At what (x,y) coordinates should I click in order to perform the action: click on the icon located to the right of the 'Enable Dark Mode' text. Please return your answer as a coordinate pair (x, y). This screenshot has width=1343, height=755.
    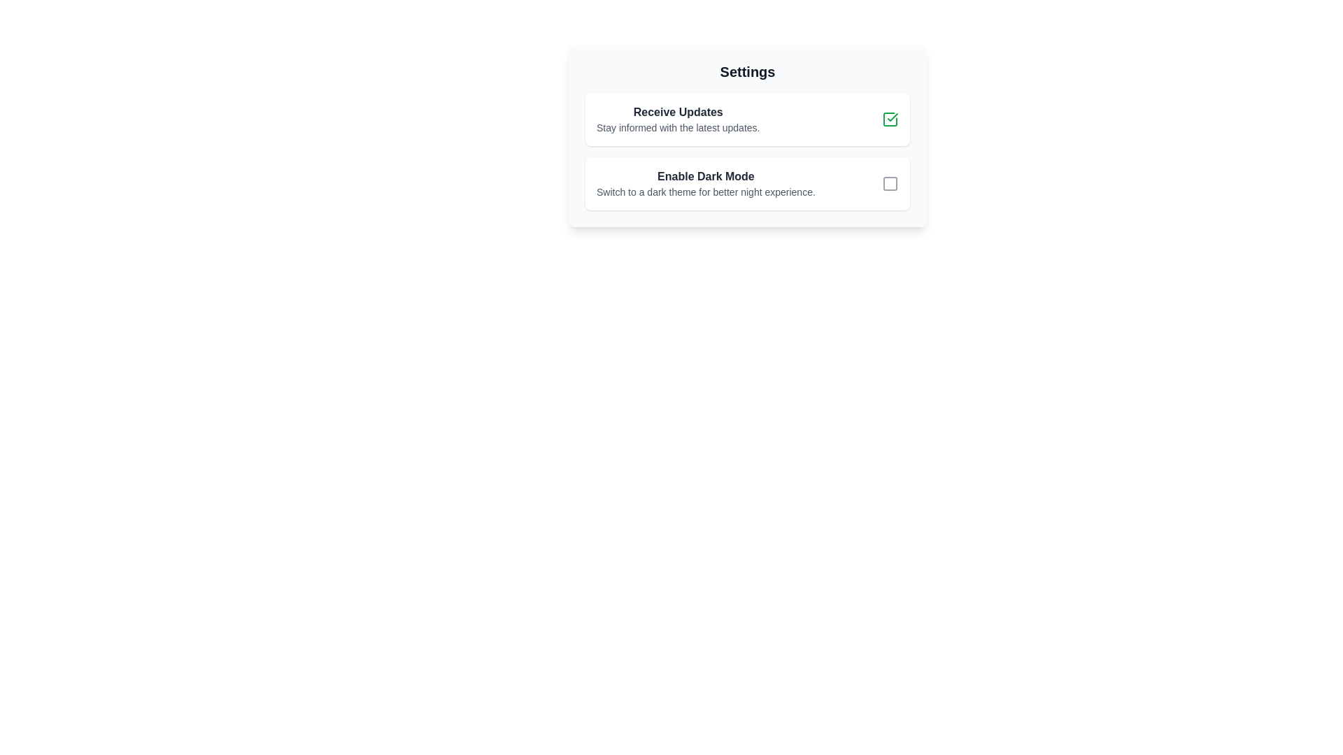
    Looking at the image, I should click on (889, 182).